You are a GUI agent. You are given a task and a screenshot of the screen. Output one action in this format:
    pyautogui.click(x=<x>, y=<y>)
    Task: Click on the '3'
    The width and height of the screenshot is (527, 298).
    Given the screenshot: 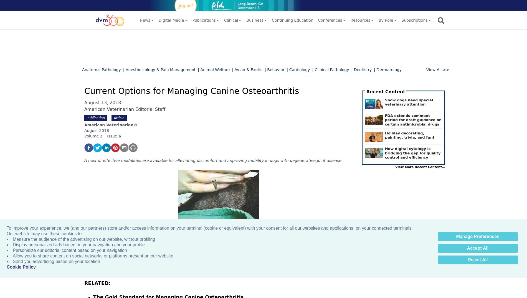 What is the action you would take?
    pyautogui.click(x=101, y=136)
    